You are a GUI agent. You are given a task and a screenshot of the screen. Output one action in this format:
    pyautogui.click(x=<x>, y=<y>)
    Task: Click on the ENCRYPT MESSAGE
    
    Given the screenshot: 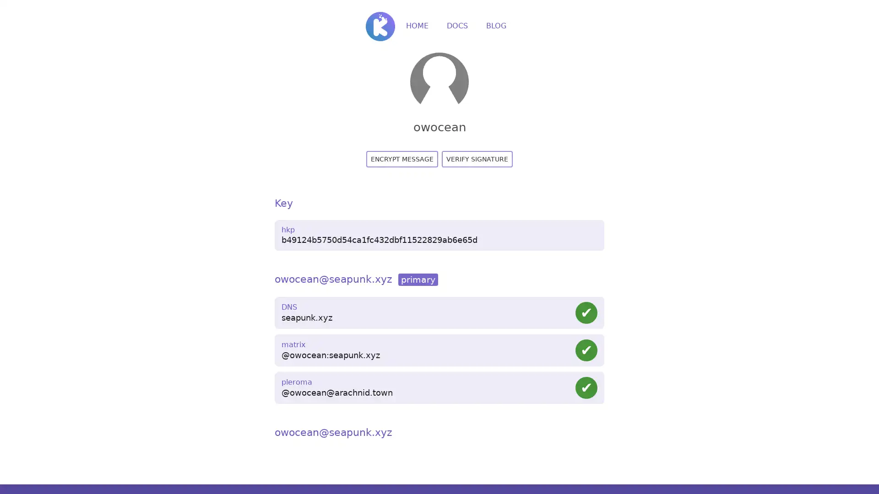 What is the action you would take?
    pyautogui.click(x=402, y=158)
    